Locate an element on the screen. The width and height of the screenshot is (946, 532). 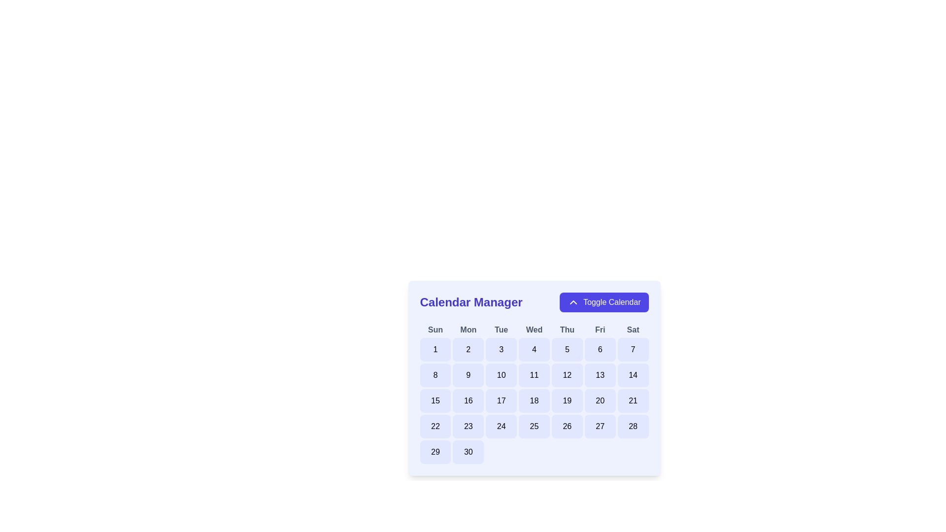
the button with the number '24' displayed in black text, located in the fourth row and third column of the calendar grid is located at coordinates (501, 426).